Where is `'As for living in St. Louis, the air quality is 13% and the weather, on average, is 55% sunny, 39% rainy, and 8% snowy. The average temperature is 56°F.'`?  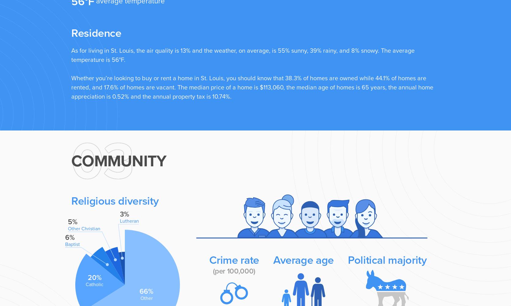 'As for living in St. Louis, the air quality is 13% and the weather, on average, is 55% sunny, 39% rainy, and 8% snowy. The average temperature is 56°F.' is located at coordinates (242, 55).